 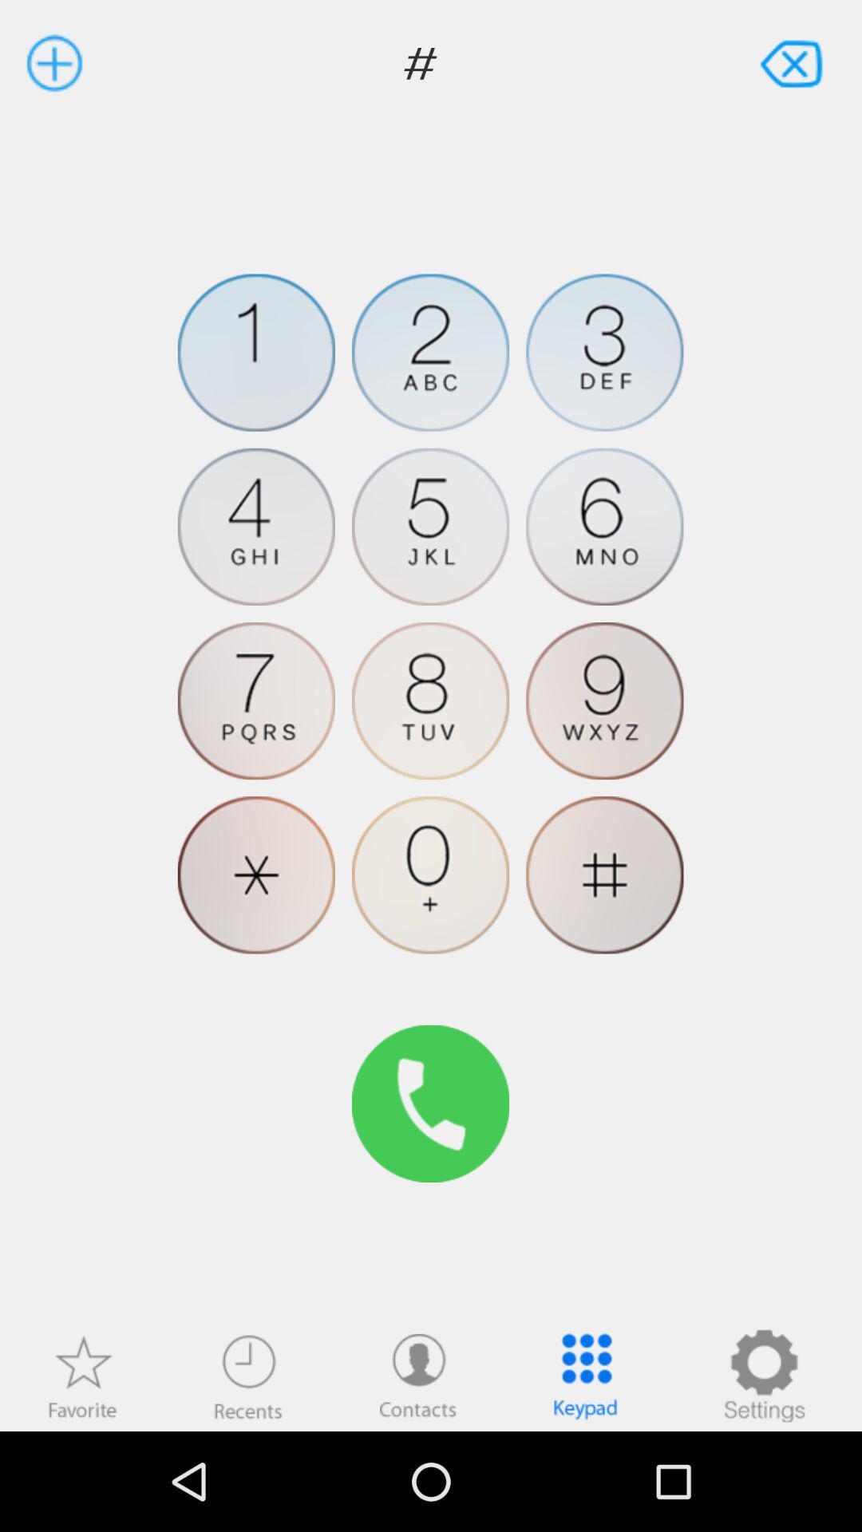 I want to click on insert 0, so click(x=429, y=874).